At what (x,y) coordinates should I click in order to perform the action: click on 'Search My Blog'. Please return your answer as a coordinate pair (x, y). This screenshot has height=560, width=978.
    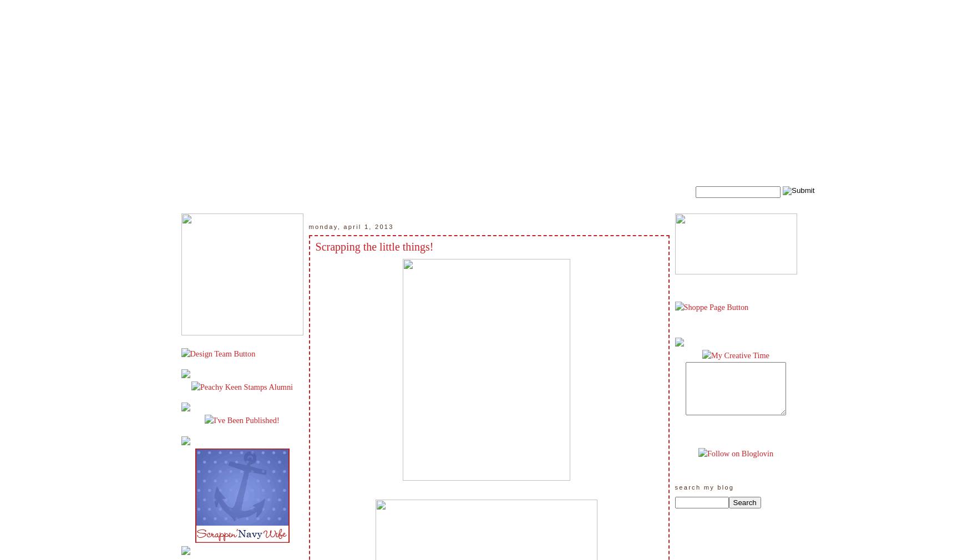
    Looking at the image, I should click on (703, 487).